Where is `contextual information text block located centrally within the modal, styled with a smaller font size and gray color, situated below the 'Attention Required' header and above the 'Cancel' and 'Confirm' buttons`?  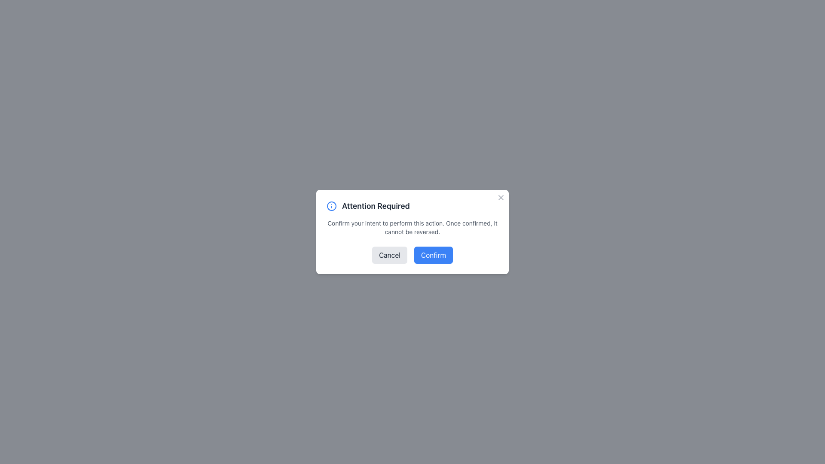 contextual information text block located centrally within the modal, styled with a smaller font size and gray color, situated below the 'Attention Required' header and above the 'Cancel' and 'Confirm' buttons is located at coordinates (412, 227).